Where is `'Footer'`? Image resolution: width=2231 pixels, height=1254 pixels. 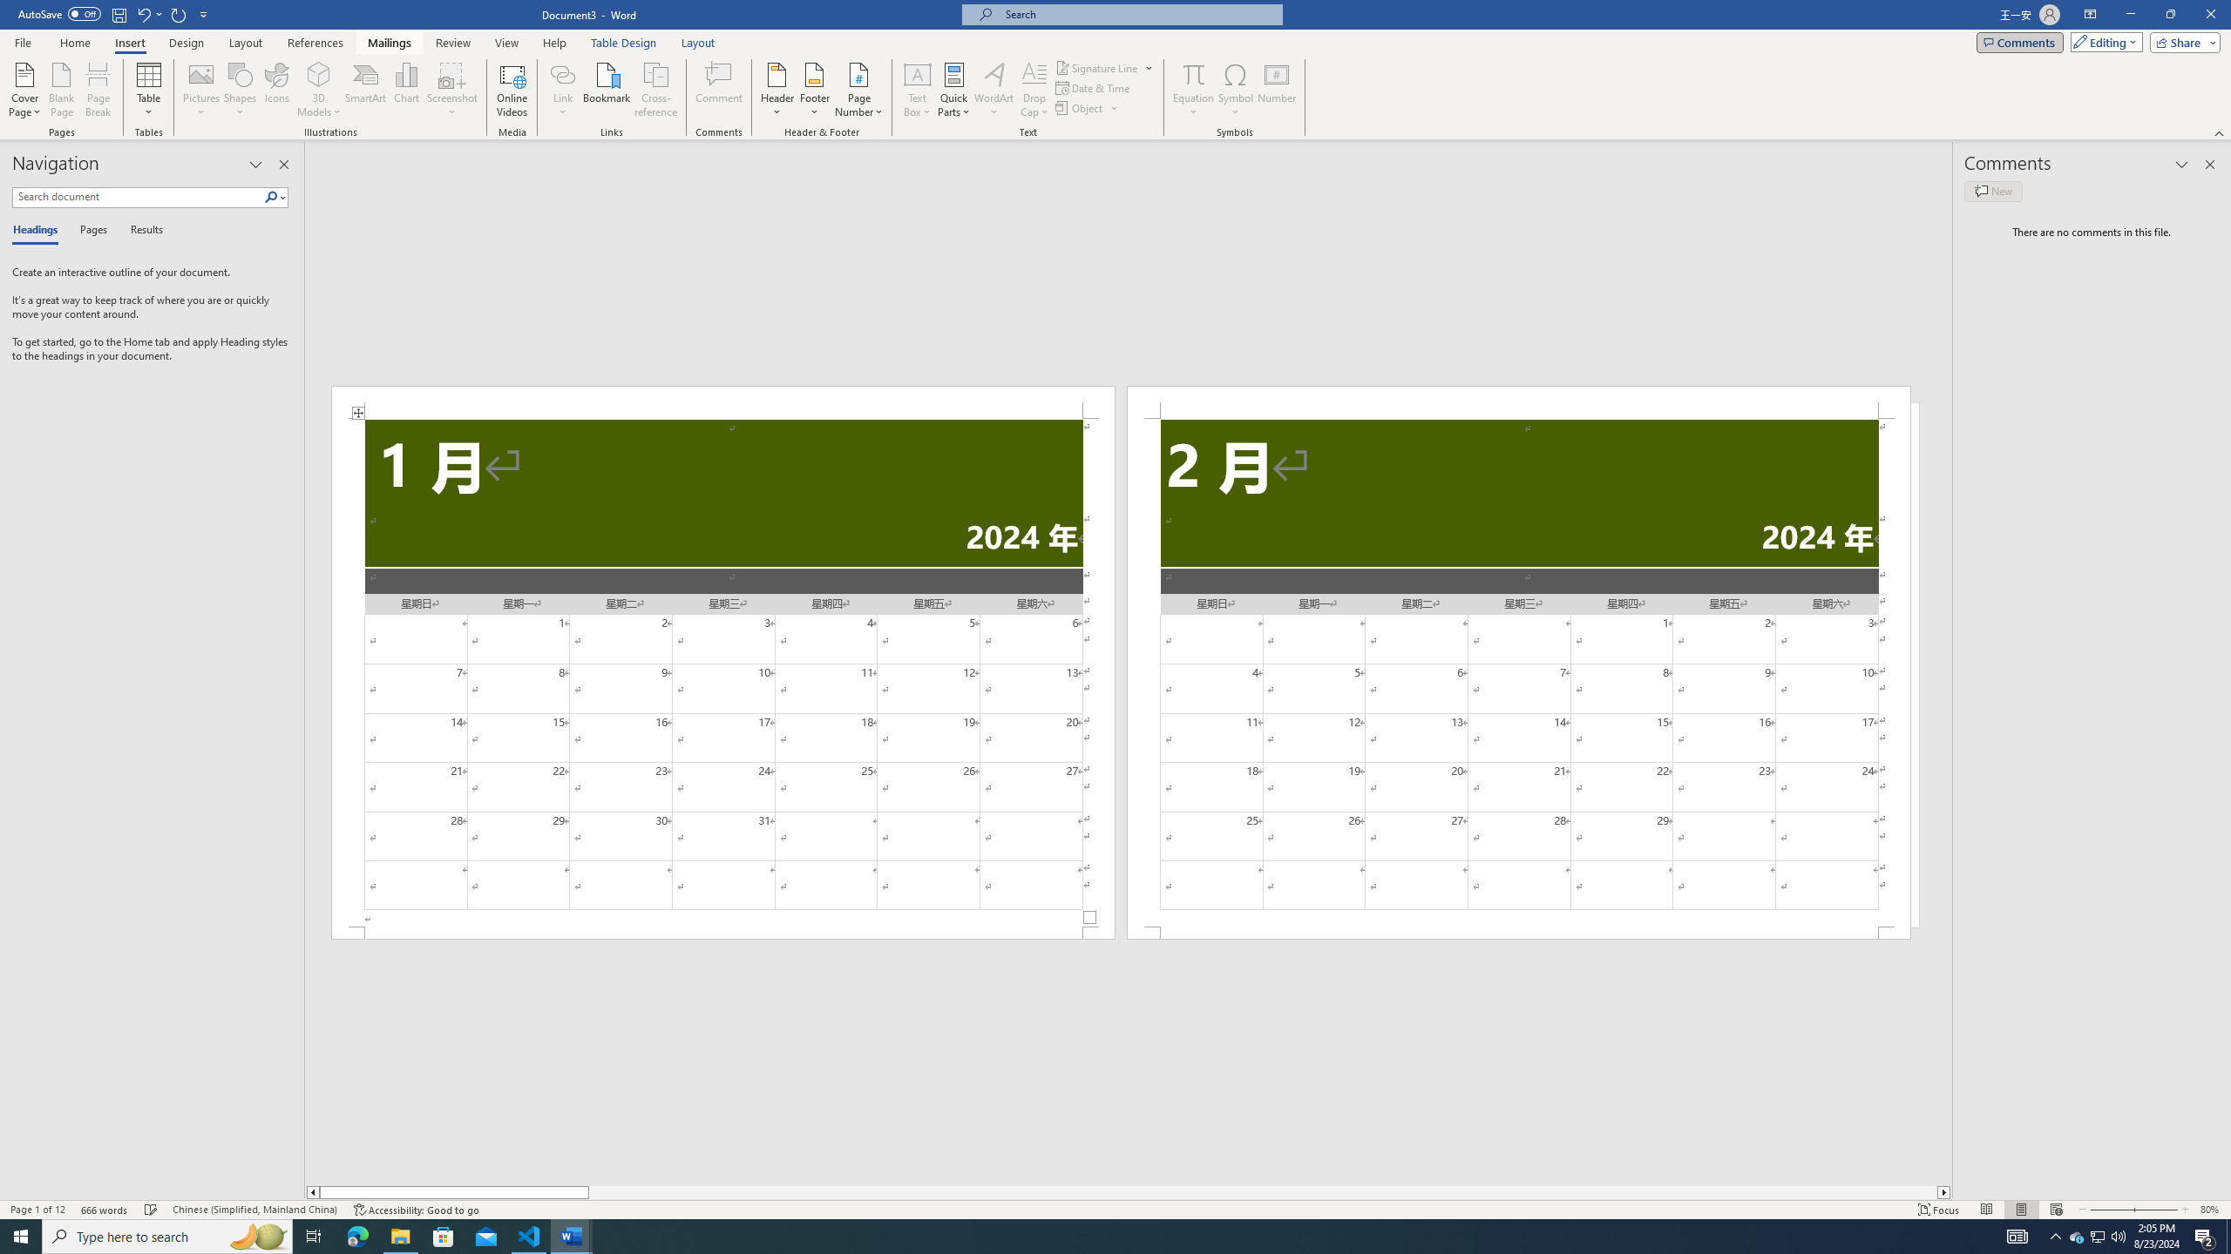
'Footer' is located at coordinates (813, 90).